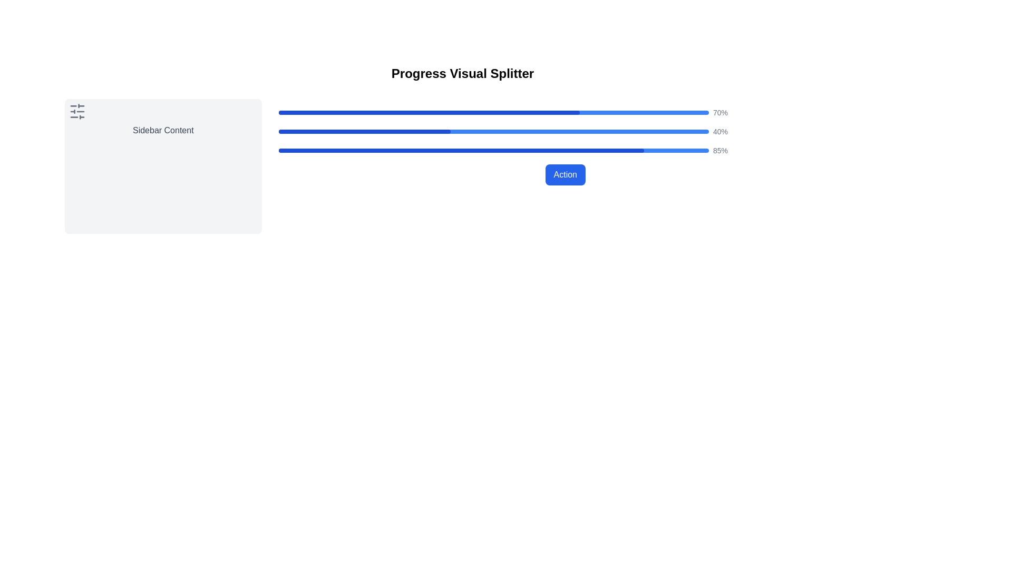 This screenshot has width=1012, height=569. Describe the element at coordinates (493, 131) in the screenshot. I see `the progress bar element, which is a horizontal bar with a blue base and 40% completion` at that location.